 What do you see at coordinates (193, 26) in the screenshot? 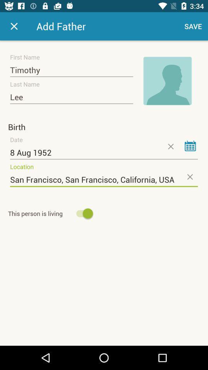
I see `the save` at bounding box center [193, 26].